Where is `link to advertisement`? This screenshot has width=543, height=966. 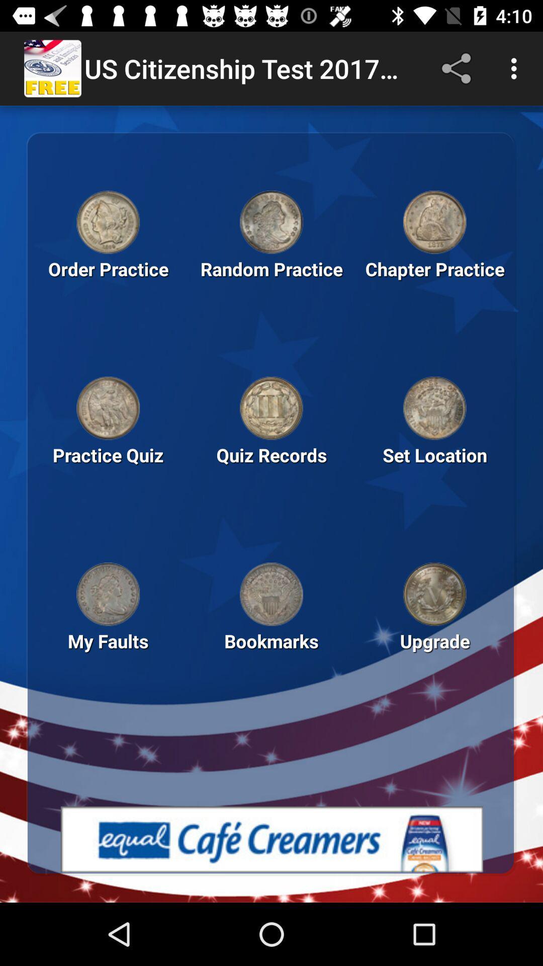 link to advertisement is located at coordinates (271, 839).